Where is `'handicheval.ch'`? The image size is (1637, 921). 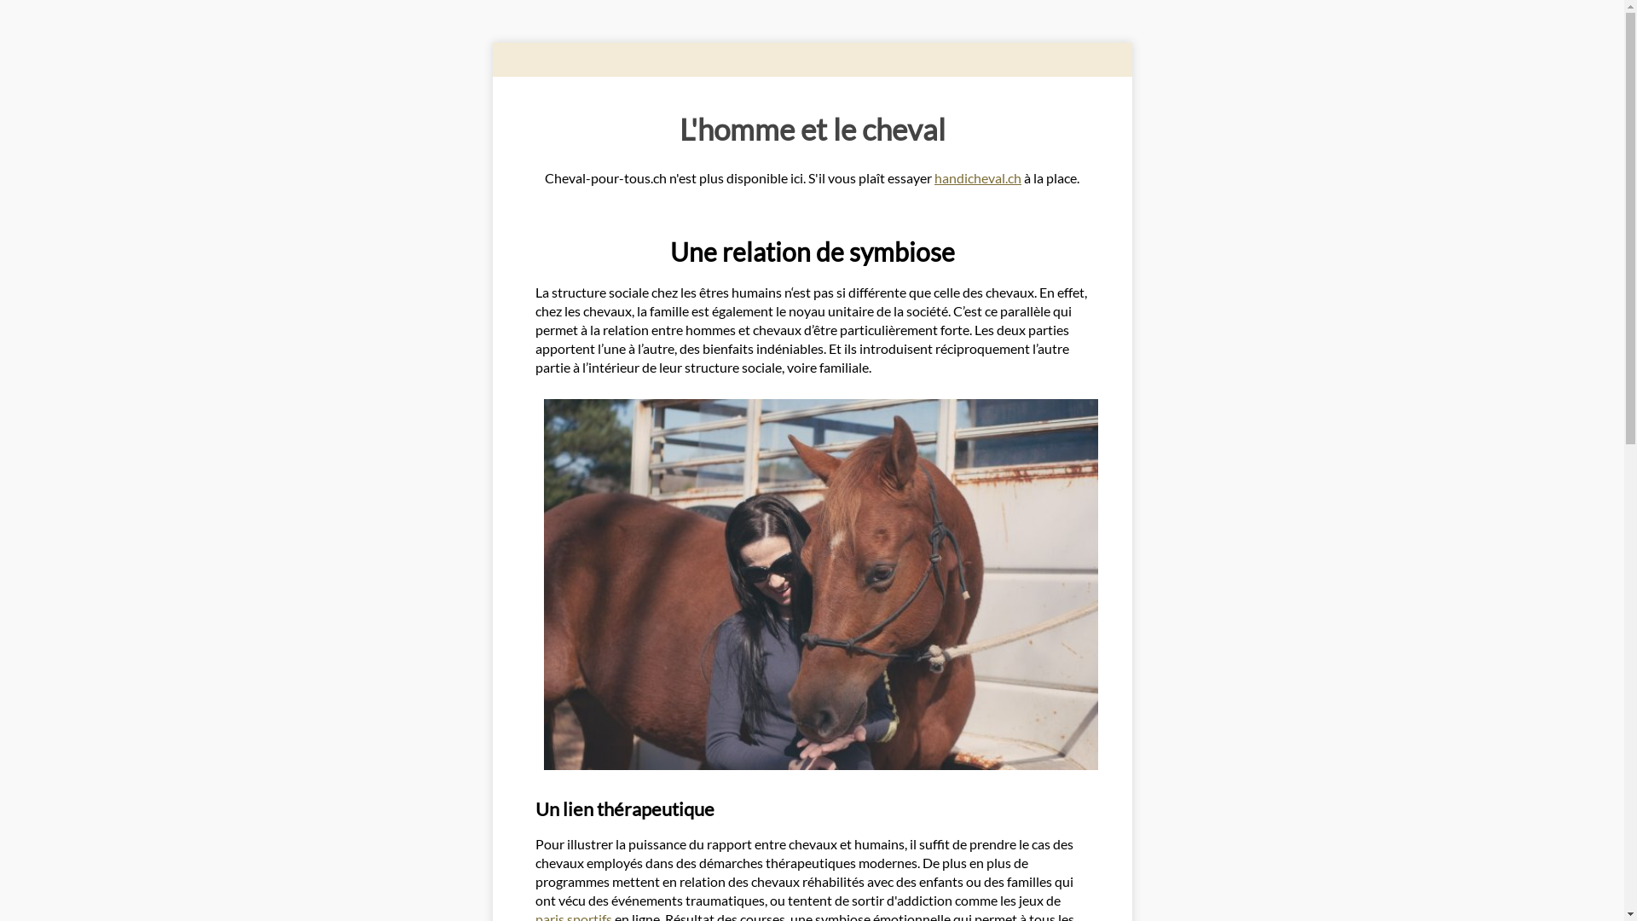 'handicheval.ch' is located at coordinates (978, 177).